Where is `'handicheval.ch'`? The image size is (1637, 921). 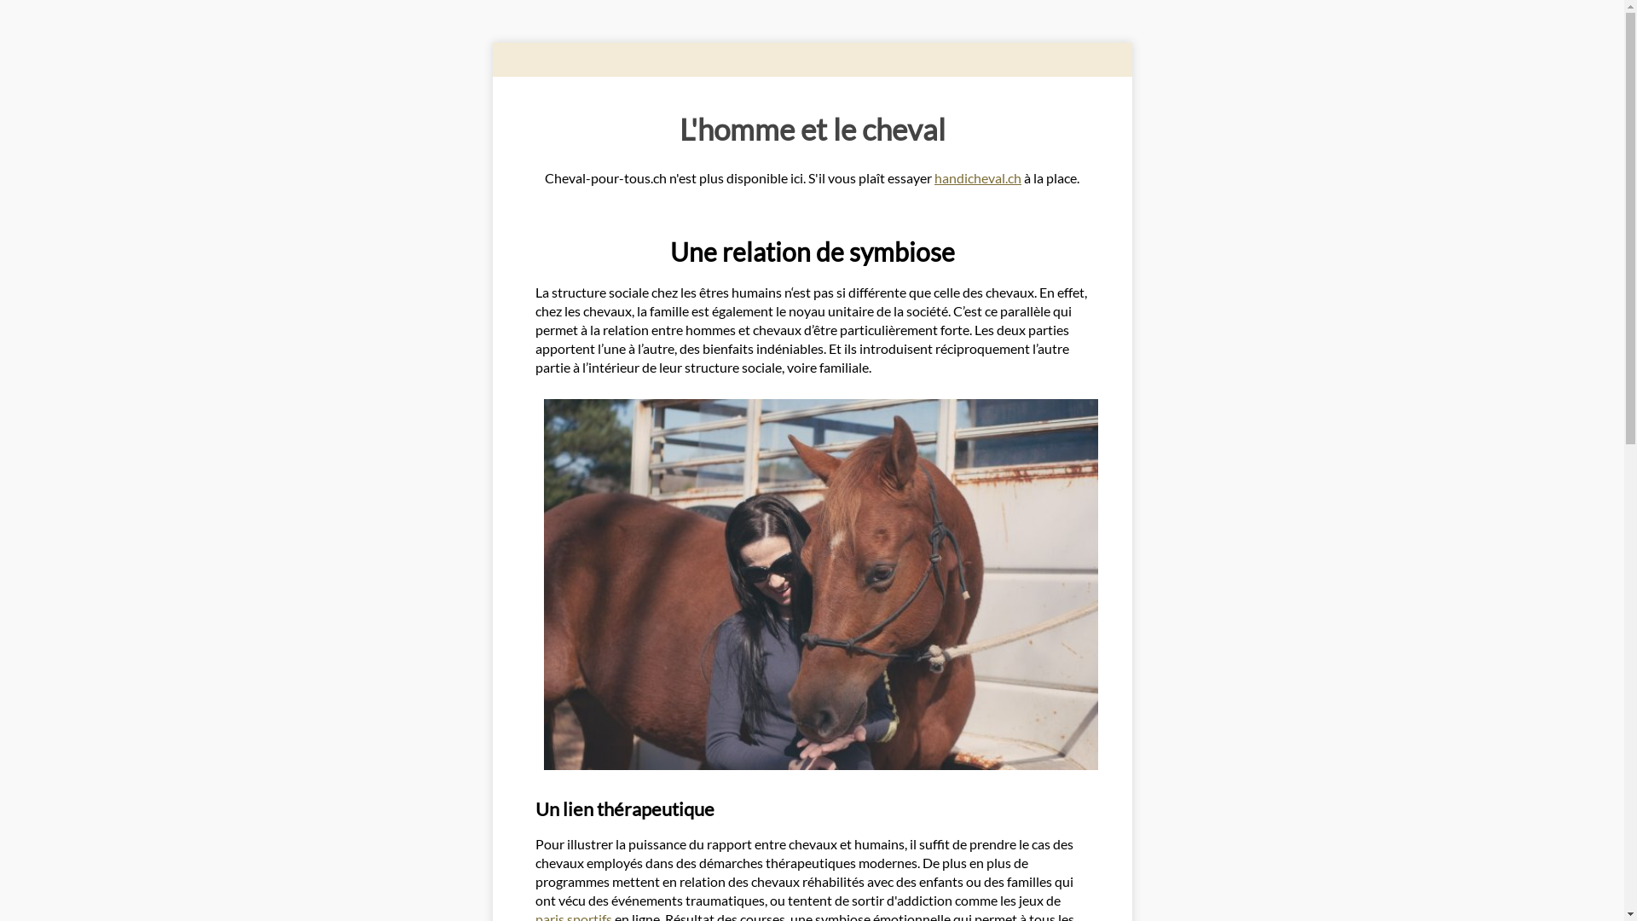 'handicheval.ch' is located at coordinates (978, 177).